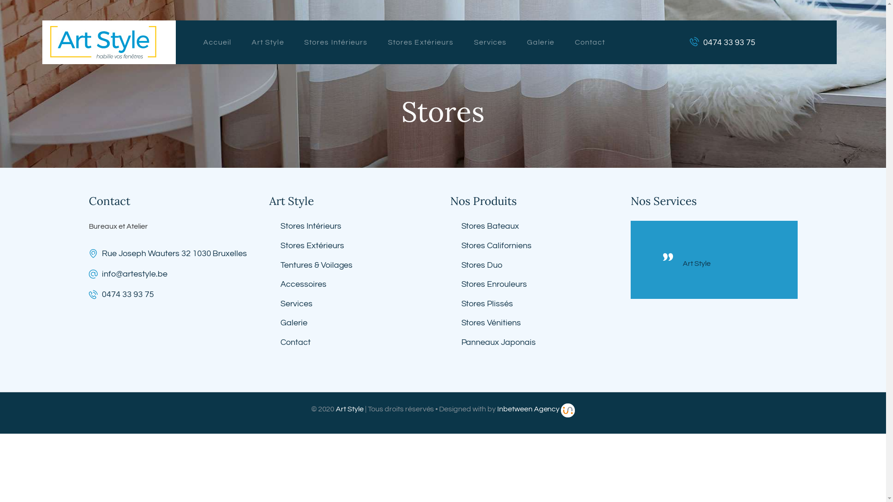 This screenshot has width=893, height=502. Describe the element at coordinates (134, 273) in the screenshot. I see `'info@artestyle.be'` at that location.